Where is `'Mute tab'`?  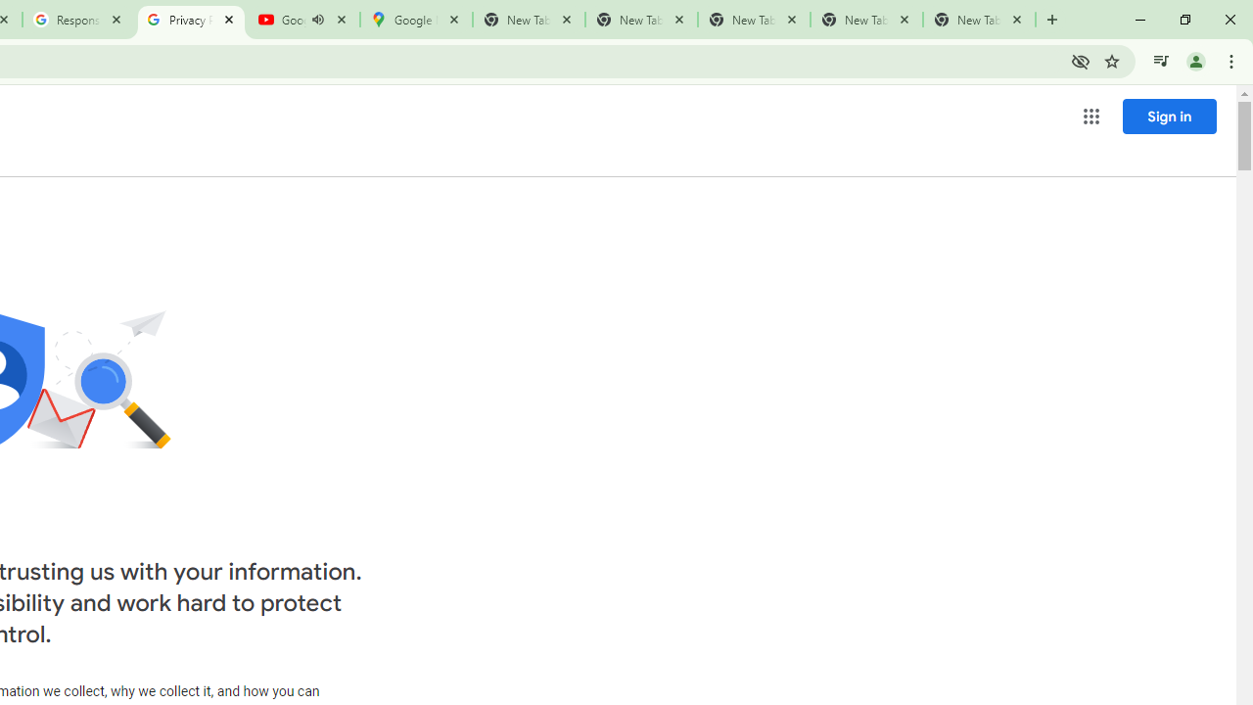 'Mute tab' is located at coordinates (318, 20).